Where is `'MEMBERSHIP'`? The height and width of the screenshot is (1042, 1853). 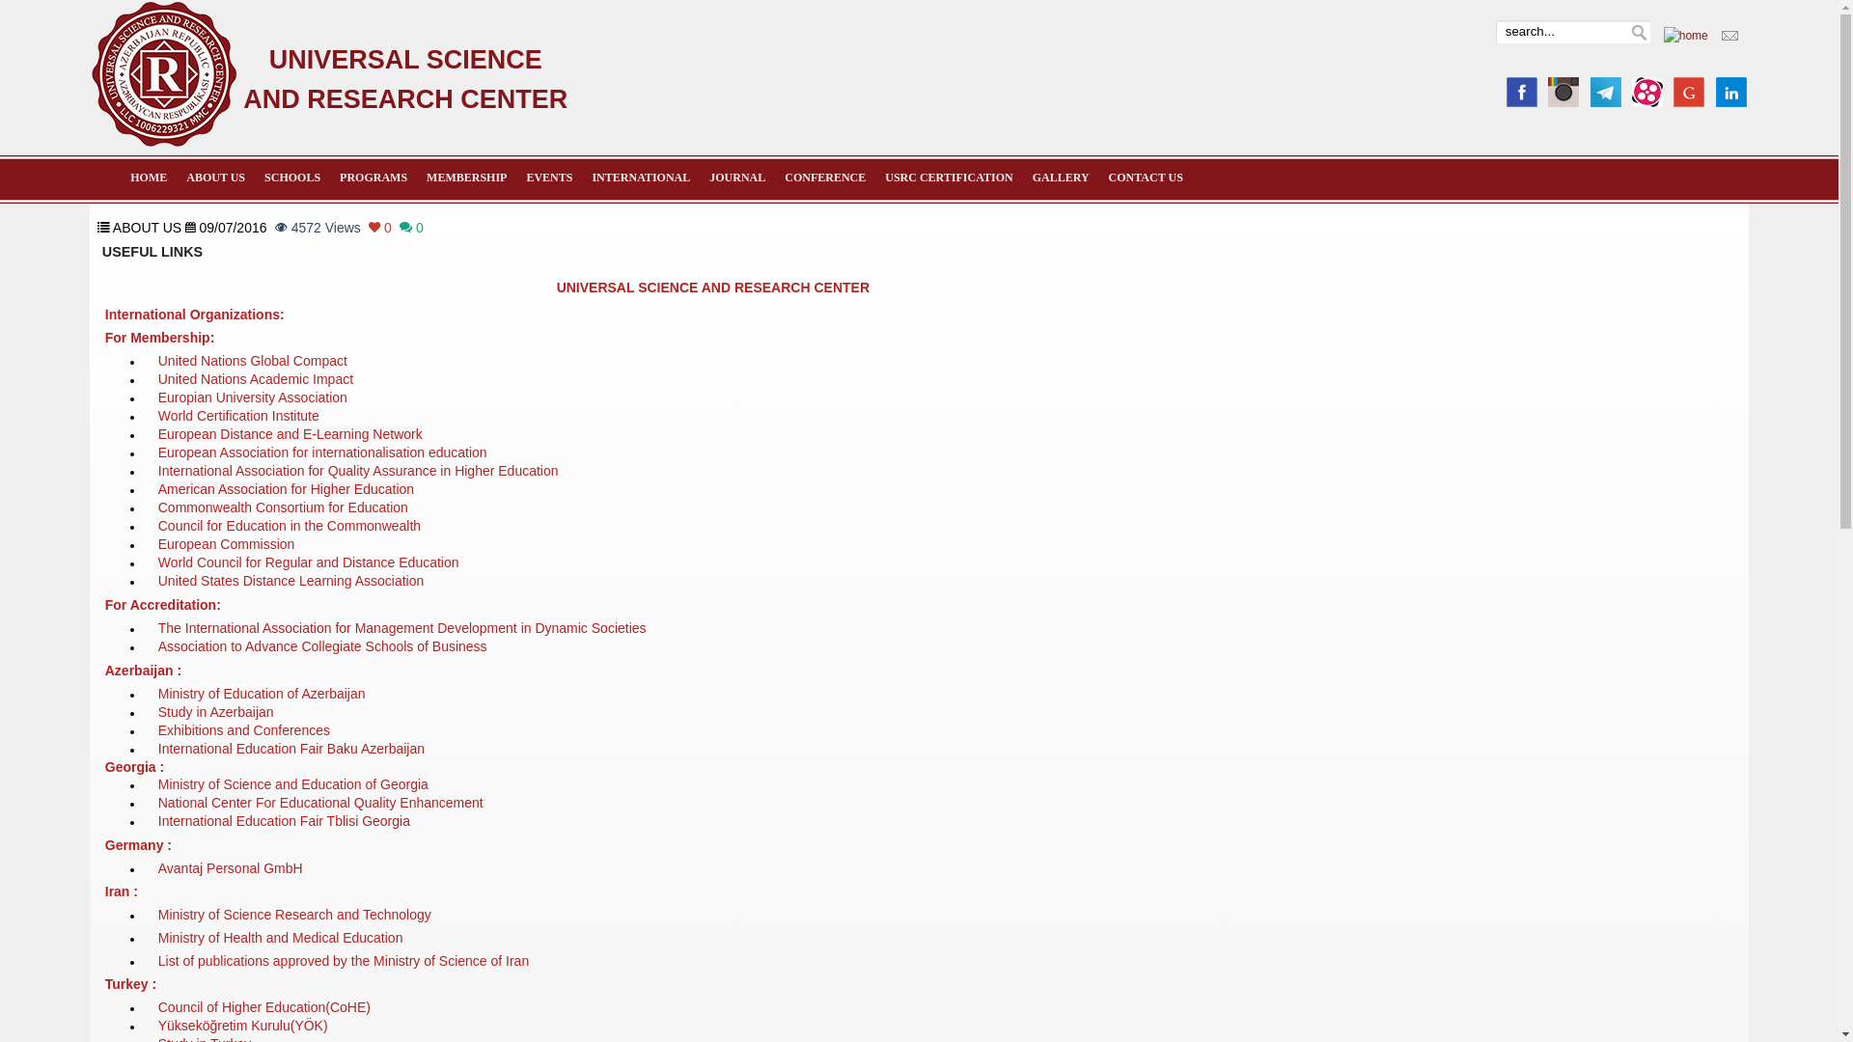 'MEMBERSHIP' is located at coordinates (466, 178).